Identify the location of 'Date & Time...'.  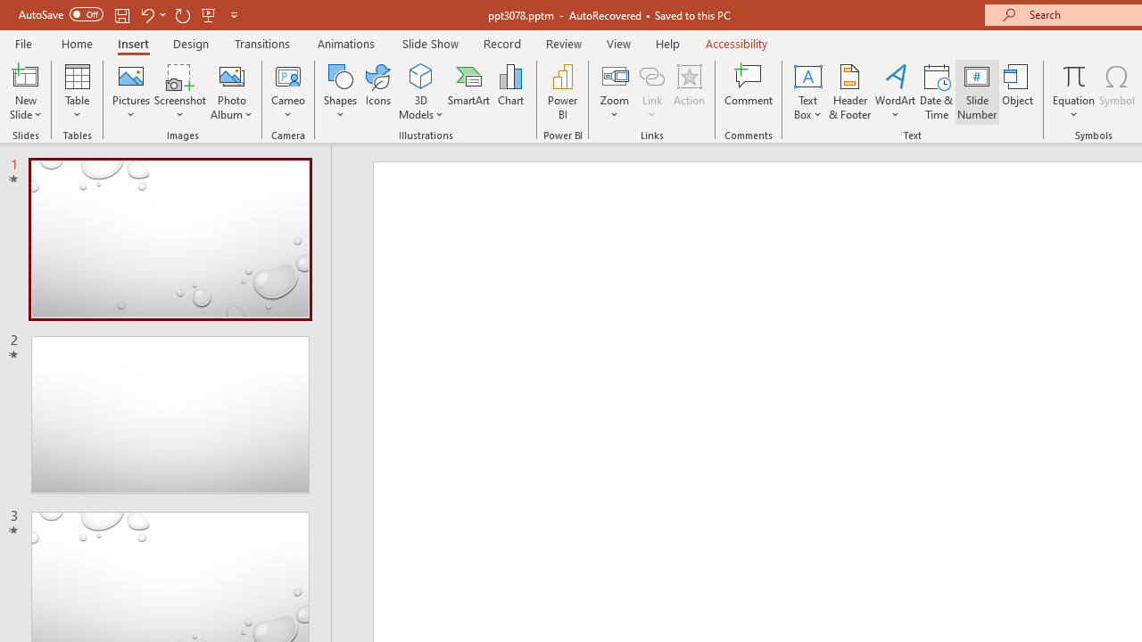
(936, 92).